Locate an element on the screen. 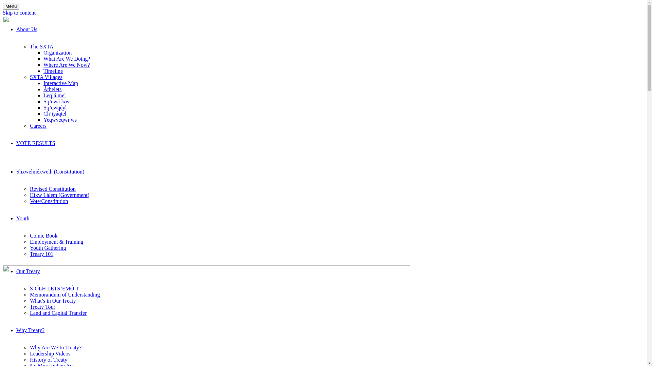  'Organization' is located at coordinates (57, 52).